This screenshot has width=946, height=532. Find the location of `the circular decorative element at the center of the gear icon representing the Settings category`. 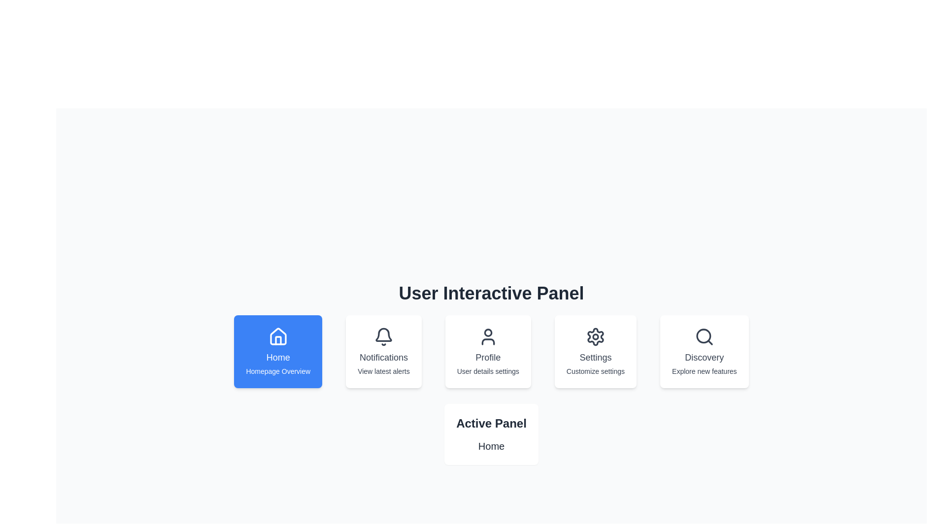

the circular decorative element at the center of the gear icon representing the Settings category is located at coordinates (595, 336).